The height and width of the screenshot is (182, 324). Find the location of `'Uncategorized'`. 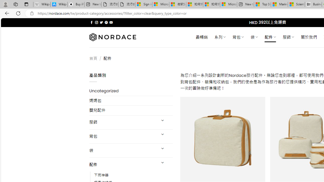

'Uncategorized' is located at coordinates (131, 91).